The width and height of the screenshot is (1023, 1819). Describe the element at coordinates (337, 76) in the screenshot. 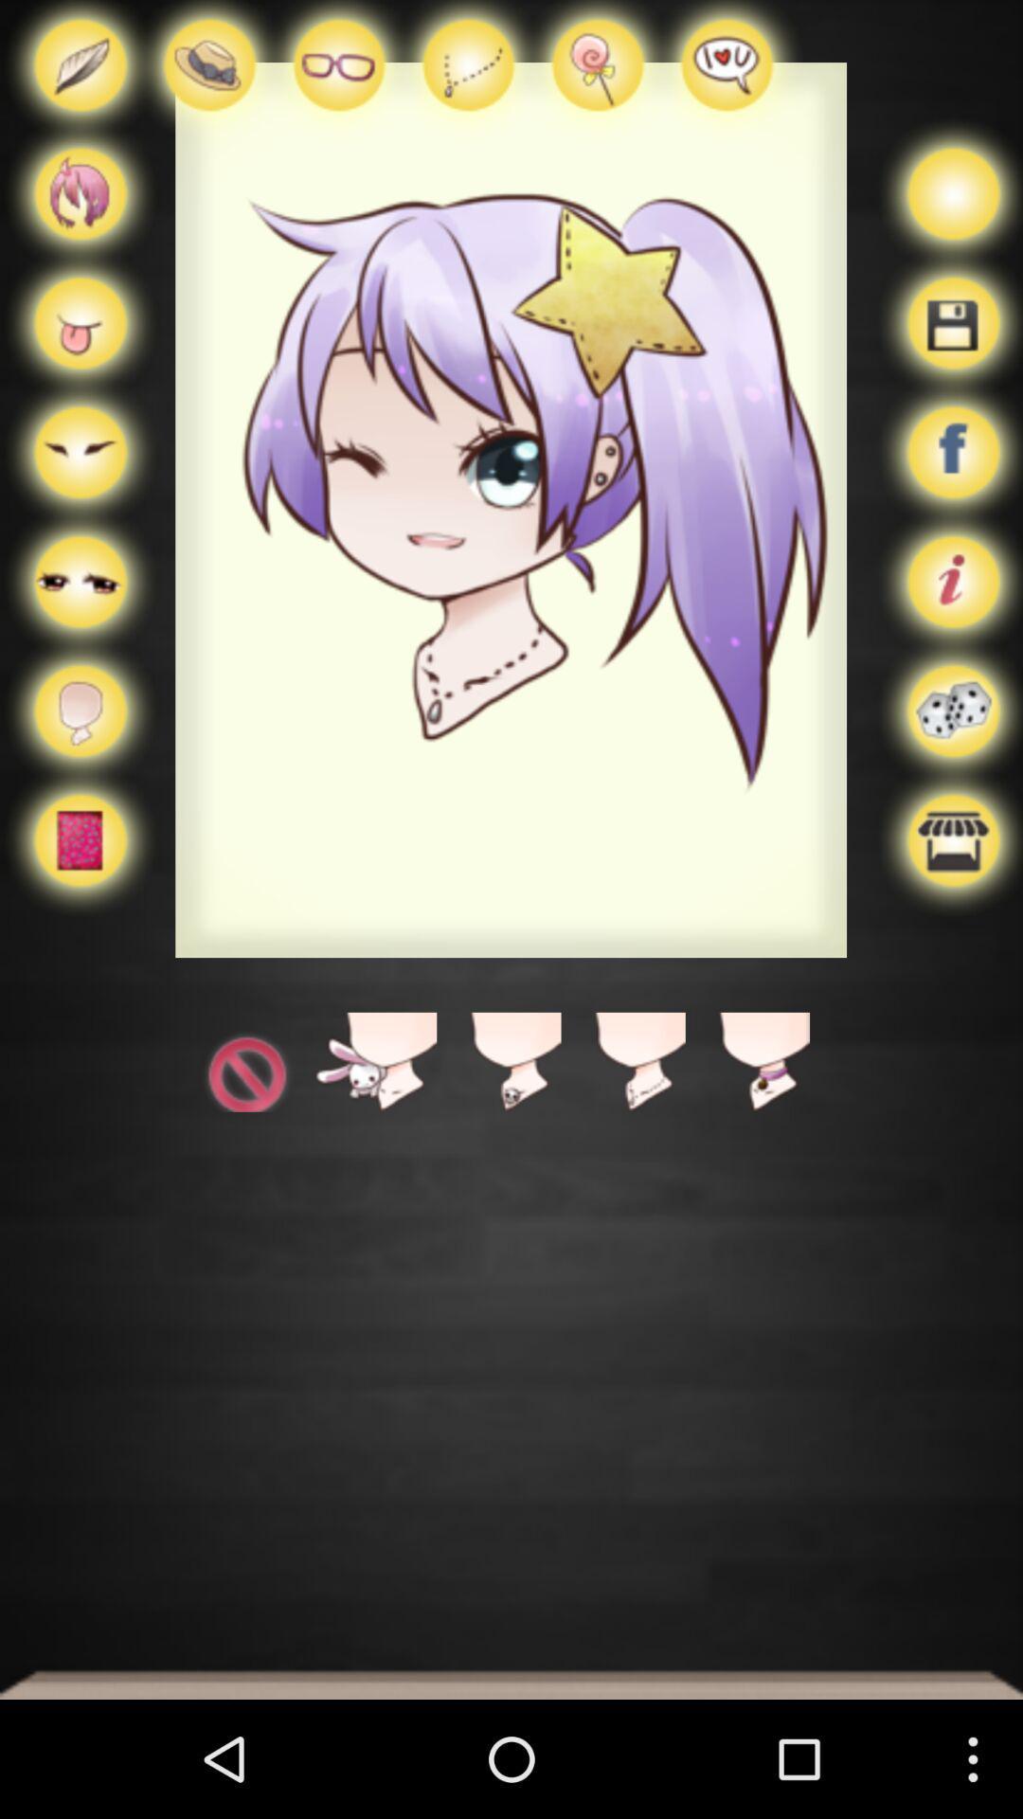

I see `the photo icon` at that location.